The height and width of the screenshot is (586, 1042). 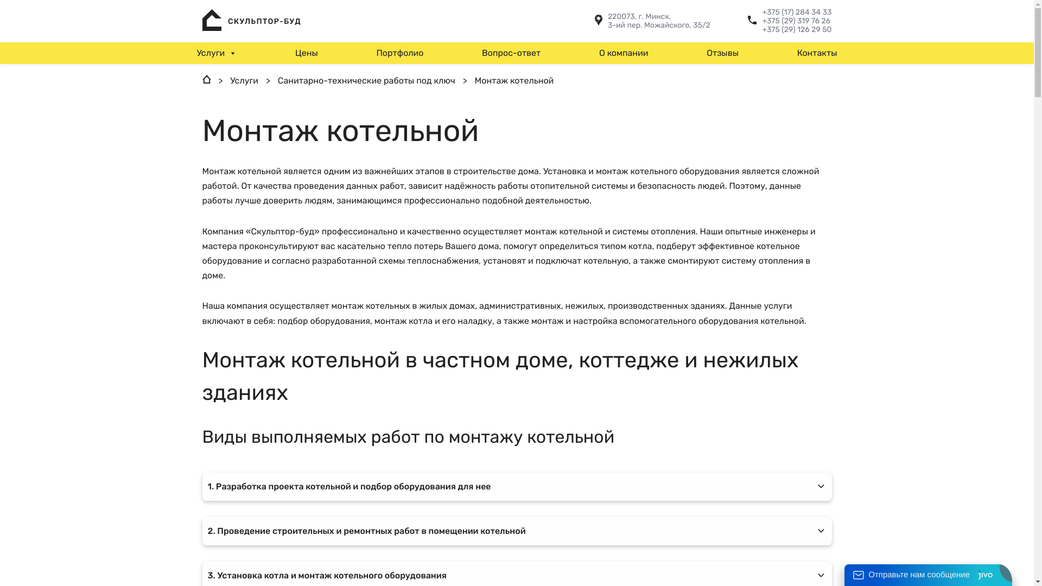 I want to click on '+375 (29) 126 29 50', so click(x=797, y=29).